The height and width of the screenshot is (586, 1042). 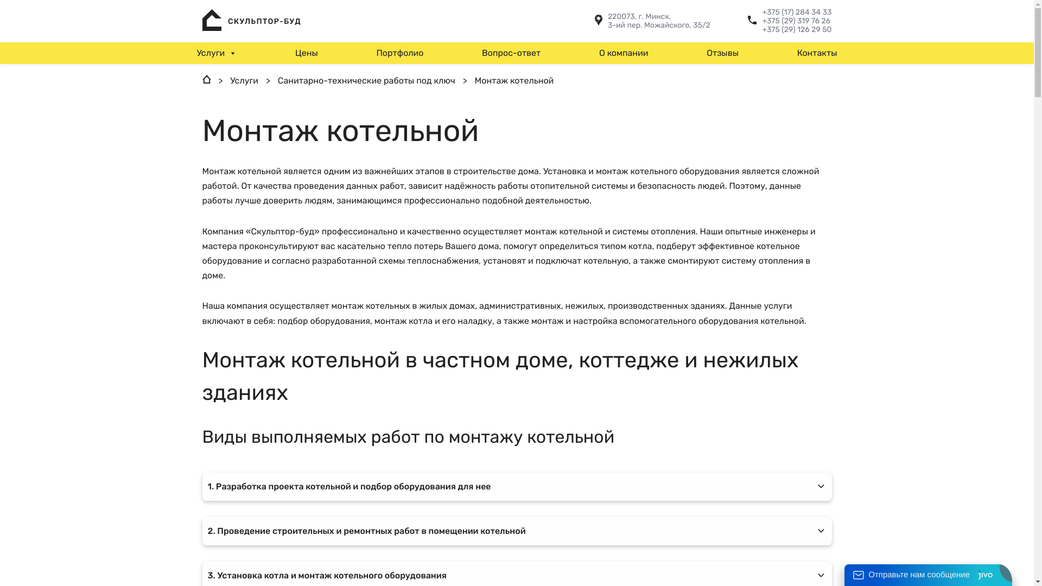 I want to click on '+375 (29) 126 29 50', so click(x=797, y=29).